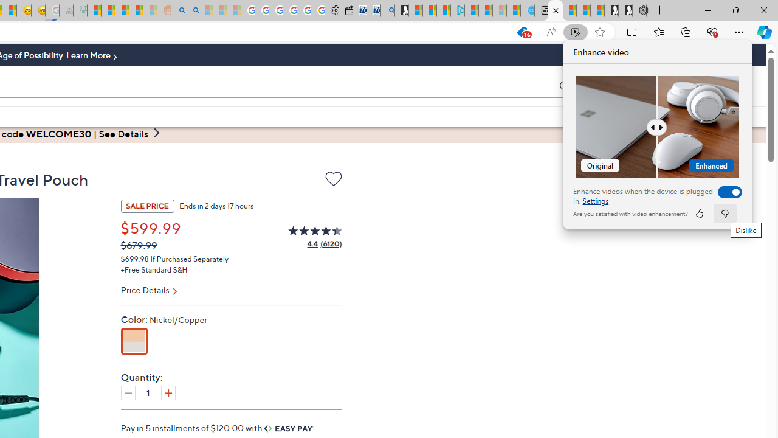 This screenshot has height=438, width=778. I want to click on 'Pay in 5 installments of $120.00 with Easy Pay', so click(217, 427).